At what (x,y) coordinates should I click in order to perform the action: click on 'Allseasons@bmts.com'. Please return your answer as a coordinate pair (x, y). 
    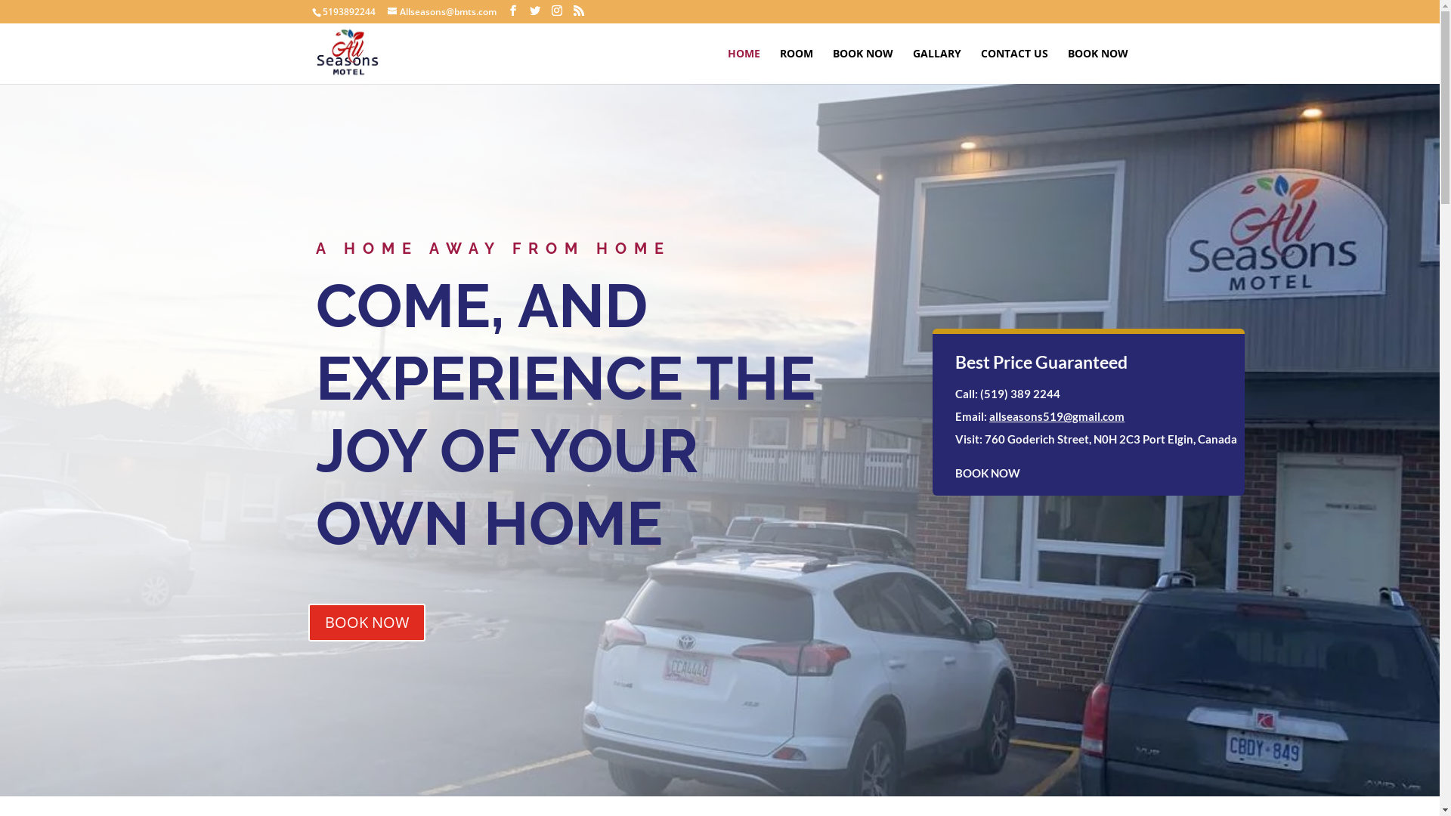
    Looking at the image, I should click on (441, 11).